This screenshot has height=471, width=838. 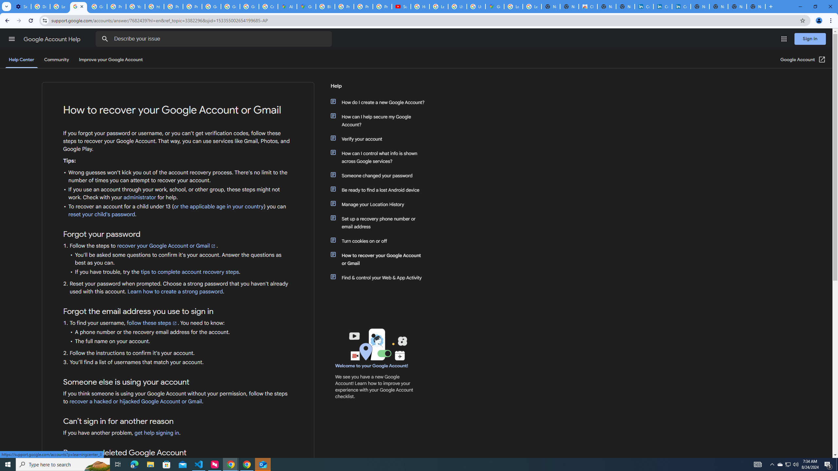 I want to click on 'tips to complete account recovery steps', so click(x=190, y=272).